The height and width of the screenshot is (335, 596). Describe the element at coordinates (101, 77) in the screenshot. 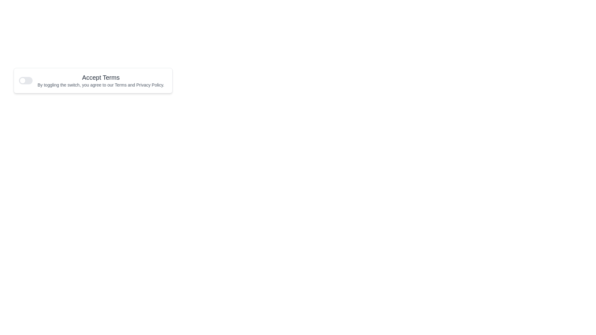

I see `the 'Accept Terms' text label, which is bold, large, and dark gray, located in the upper-middle section above a secondary text and adjacent to a toggle switch` at that location.